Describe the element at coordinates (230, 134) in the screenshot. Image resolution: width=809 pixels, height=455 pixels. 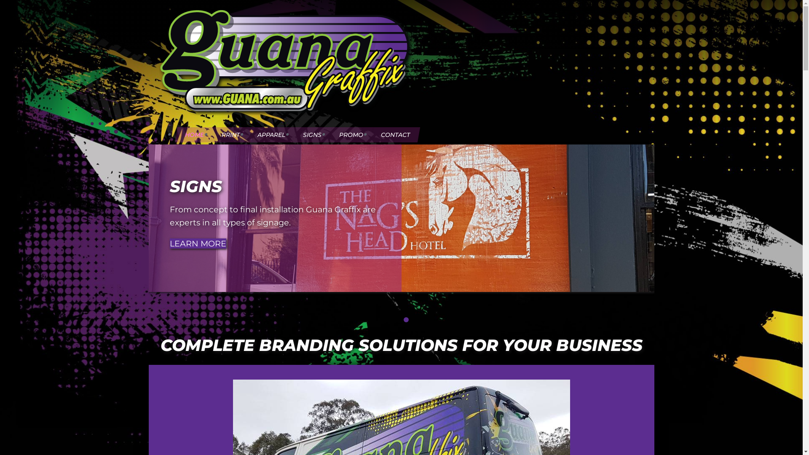
I see `'PRINT'` at that location.